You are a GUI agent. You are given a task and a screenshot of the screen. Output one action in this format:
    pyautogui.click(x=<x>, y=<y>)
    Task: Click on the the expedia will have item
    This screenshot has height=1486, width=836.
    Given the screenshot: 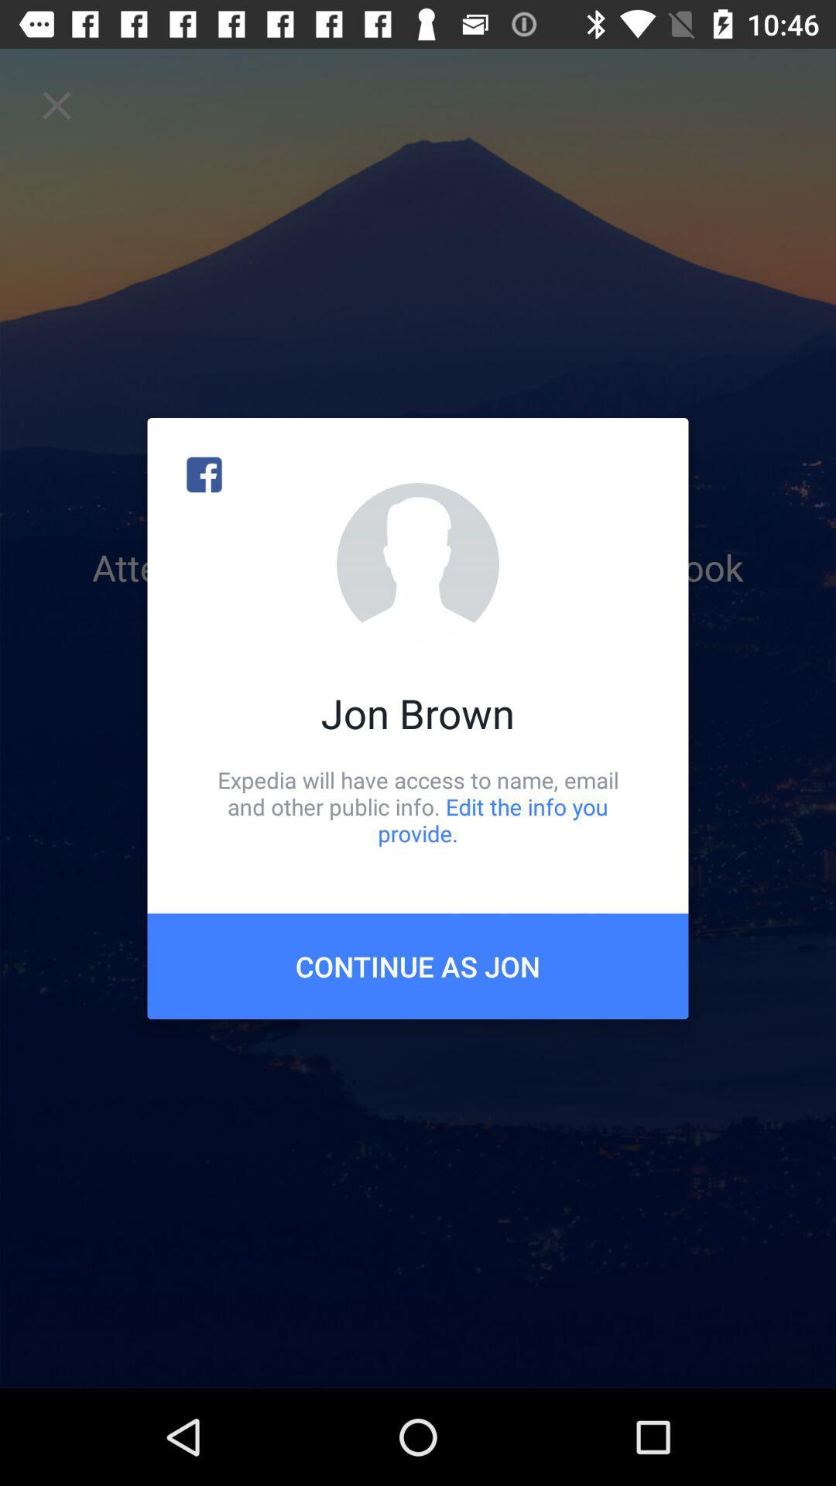 What is the action you would take?
    pyautogui.click(x=418, y=806)
    